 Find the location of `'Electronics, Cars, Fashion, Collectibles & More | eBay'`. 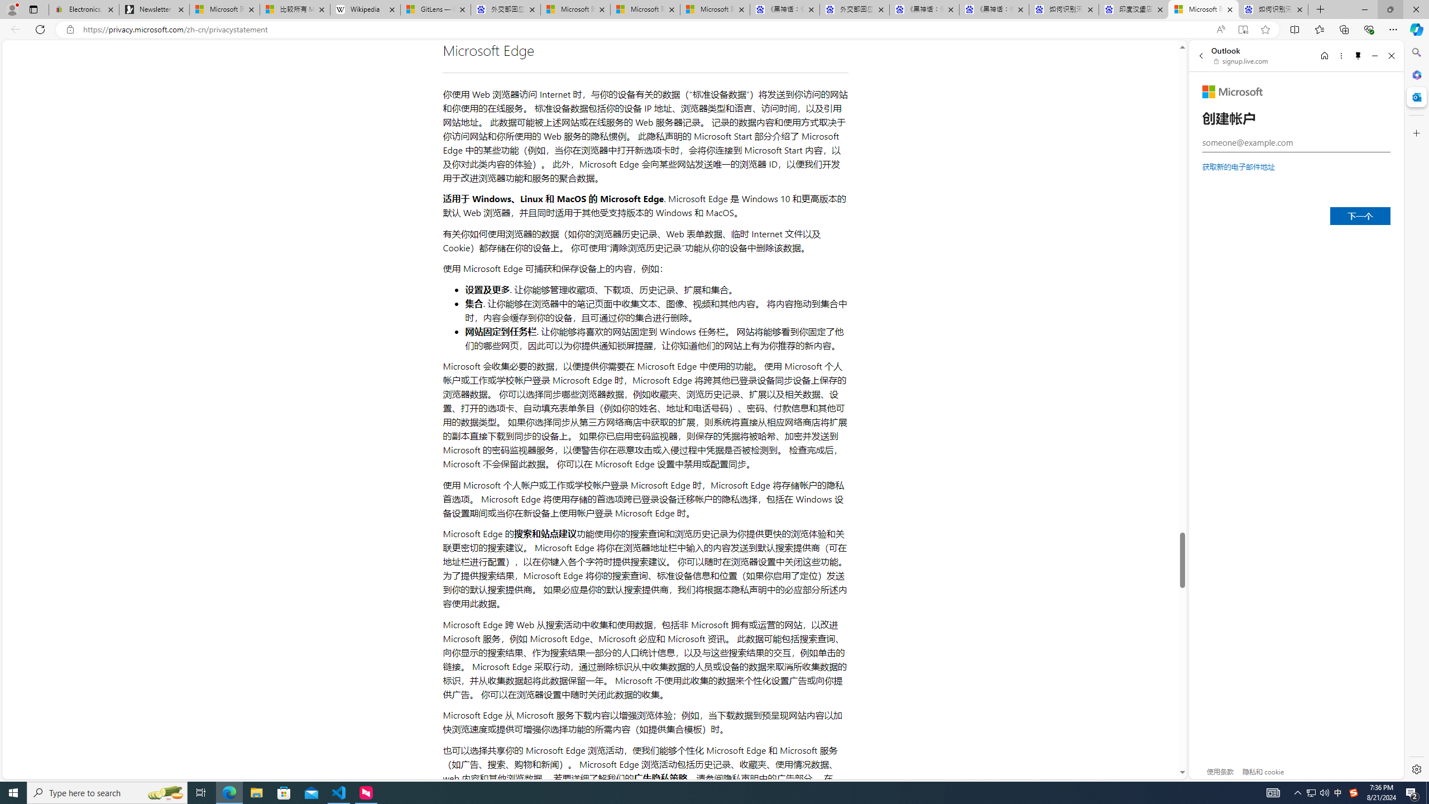

'Electronics, Cars, Fashion, Collectibles & More | eBay' is located at coordinates (84, 9).